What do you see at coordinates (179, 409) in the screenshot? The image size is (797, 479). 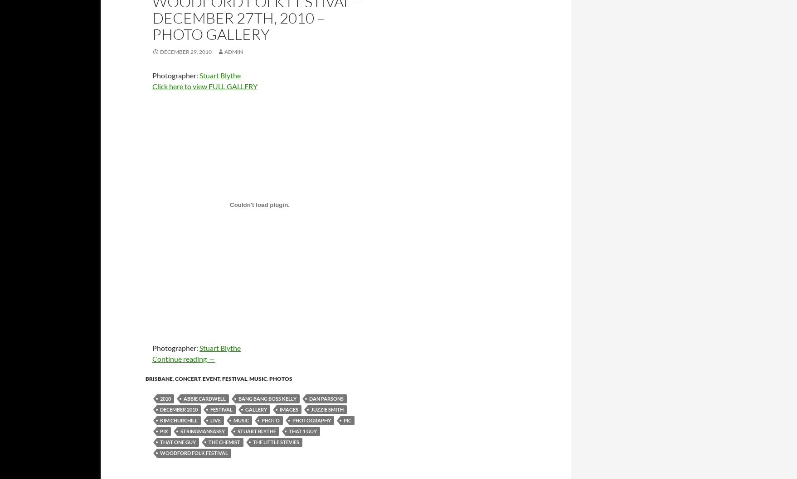 I see `'december 2010'` at bounding box center [179, 409].